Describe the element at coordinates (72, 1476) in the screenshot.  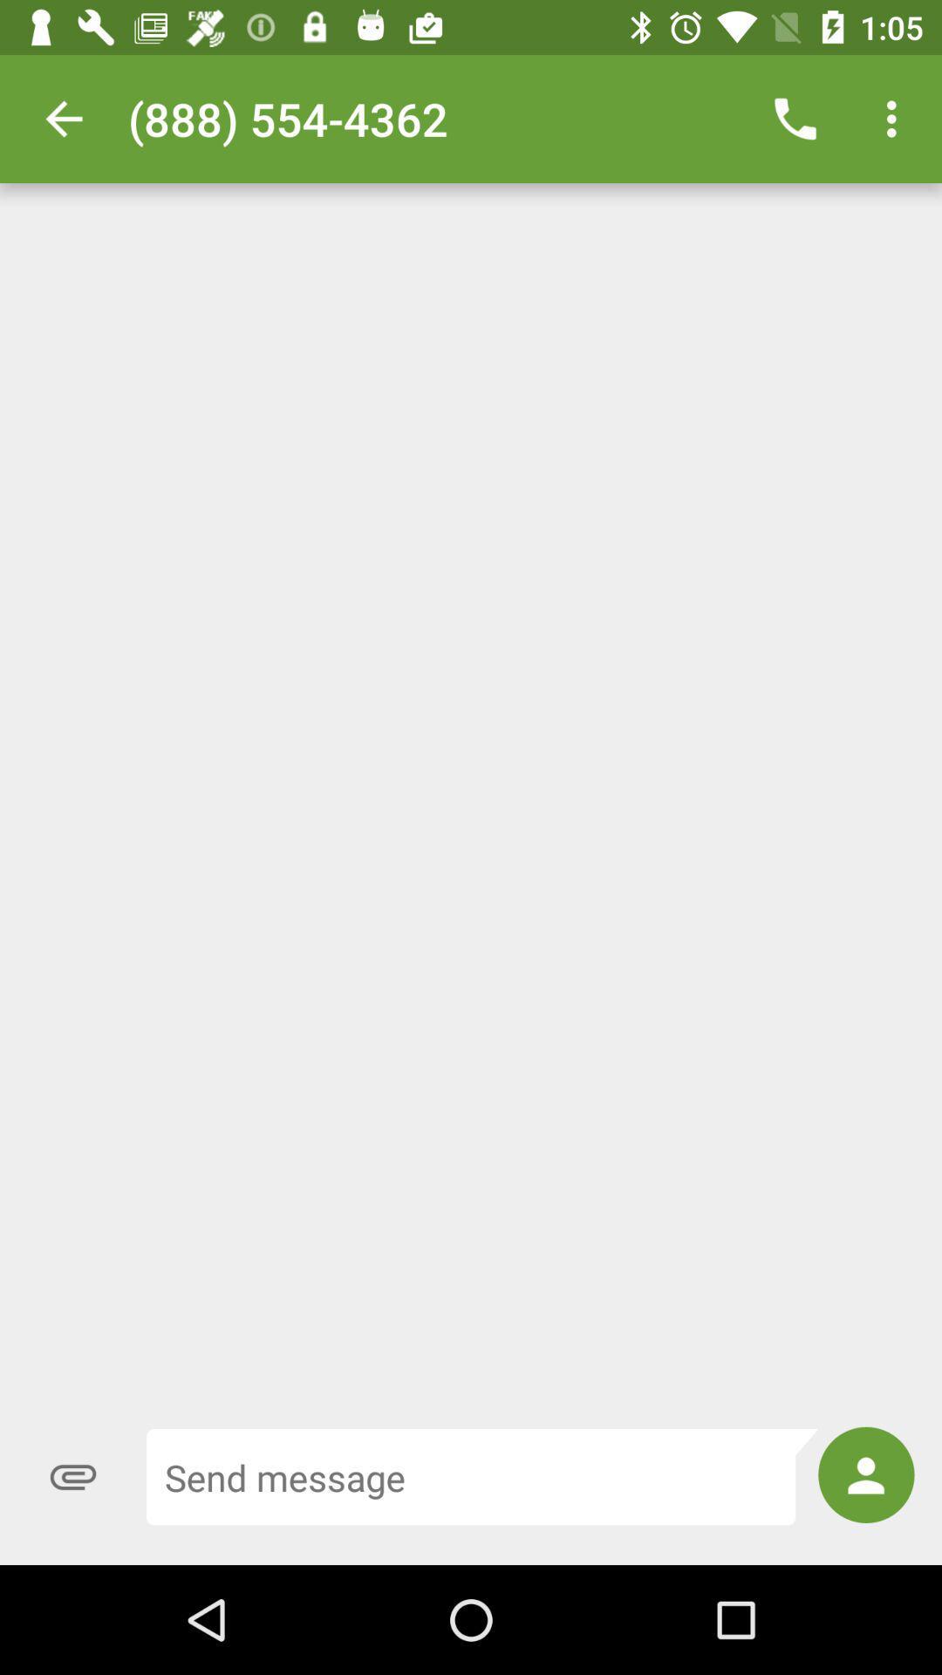
I see `the attach_file icon` at that location.